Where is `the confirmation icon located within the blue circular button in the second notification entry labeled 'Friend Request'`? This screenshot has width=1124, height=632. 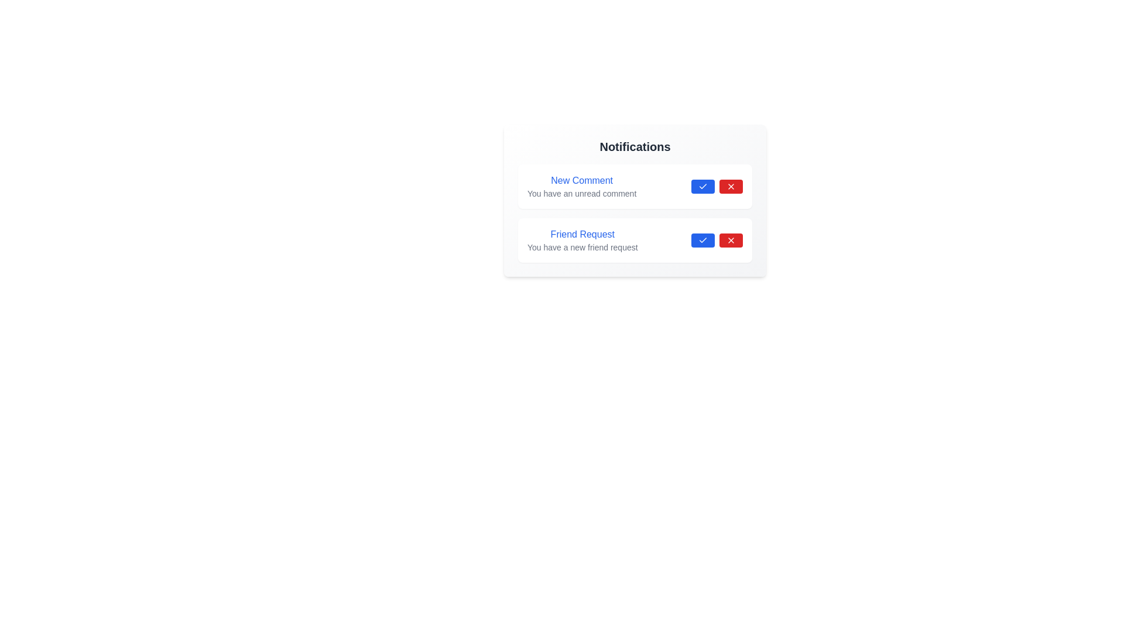
the confirmation icon located within the blue circular button in the second notification entry labeled 'Friend Request' is located at coordinates (702, 240).